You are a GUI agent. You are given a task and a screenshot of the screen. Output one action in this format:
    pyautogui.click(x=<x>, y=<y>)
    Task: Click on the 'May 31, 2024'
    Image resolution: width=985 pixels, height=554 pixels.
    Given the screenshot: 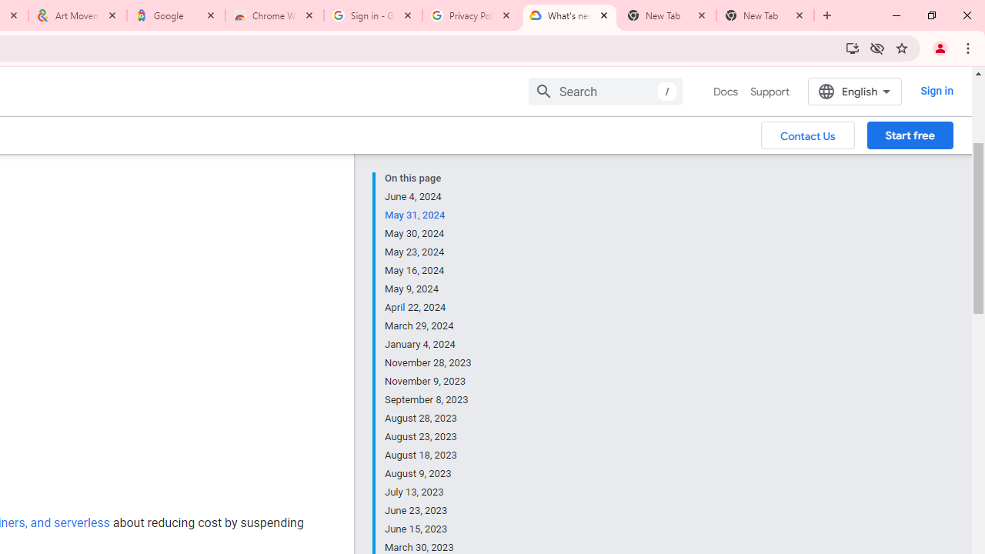 What is the action you would take?
    pyautogui.click(x=429, y=215)
    